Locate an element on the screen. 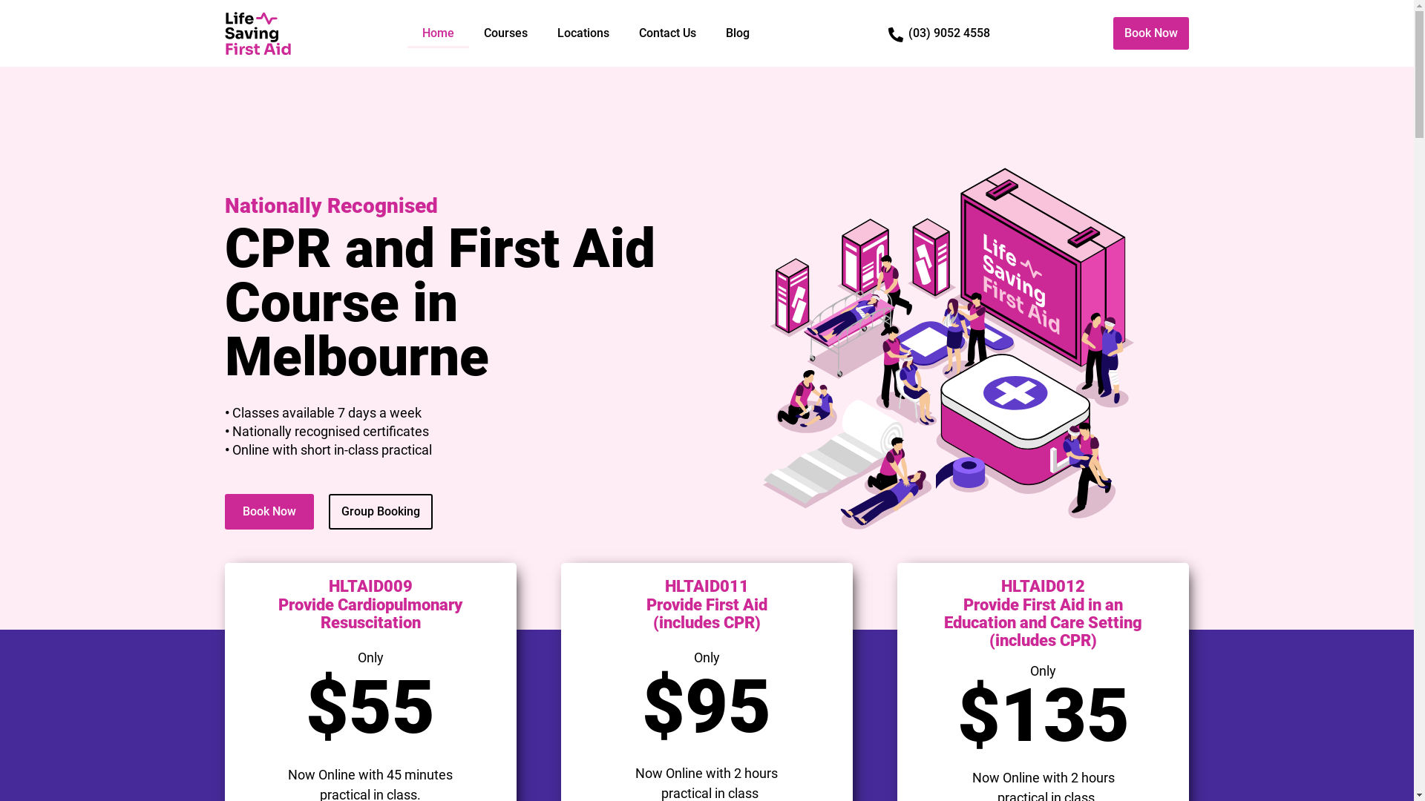  'Group Booking' is located at coordinates (380, 511).